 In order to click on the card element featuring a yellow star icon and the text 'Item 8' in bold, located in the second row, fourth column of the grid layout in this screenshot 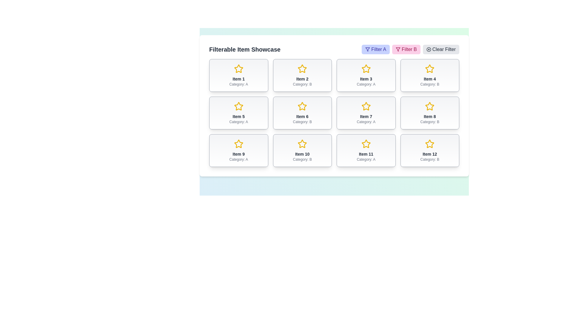, I will do `click(430, 113)`.